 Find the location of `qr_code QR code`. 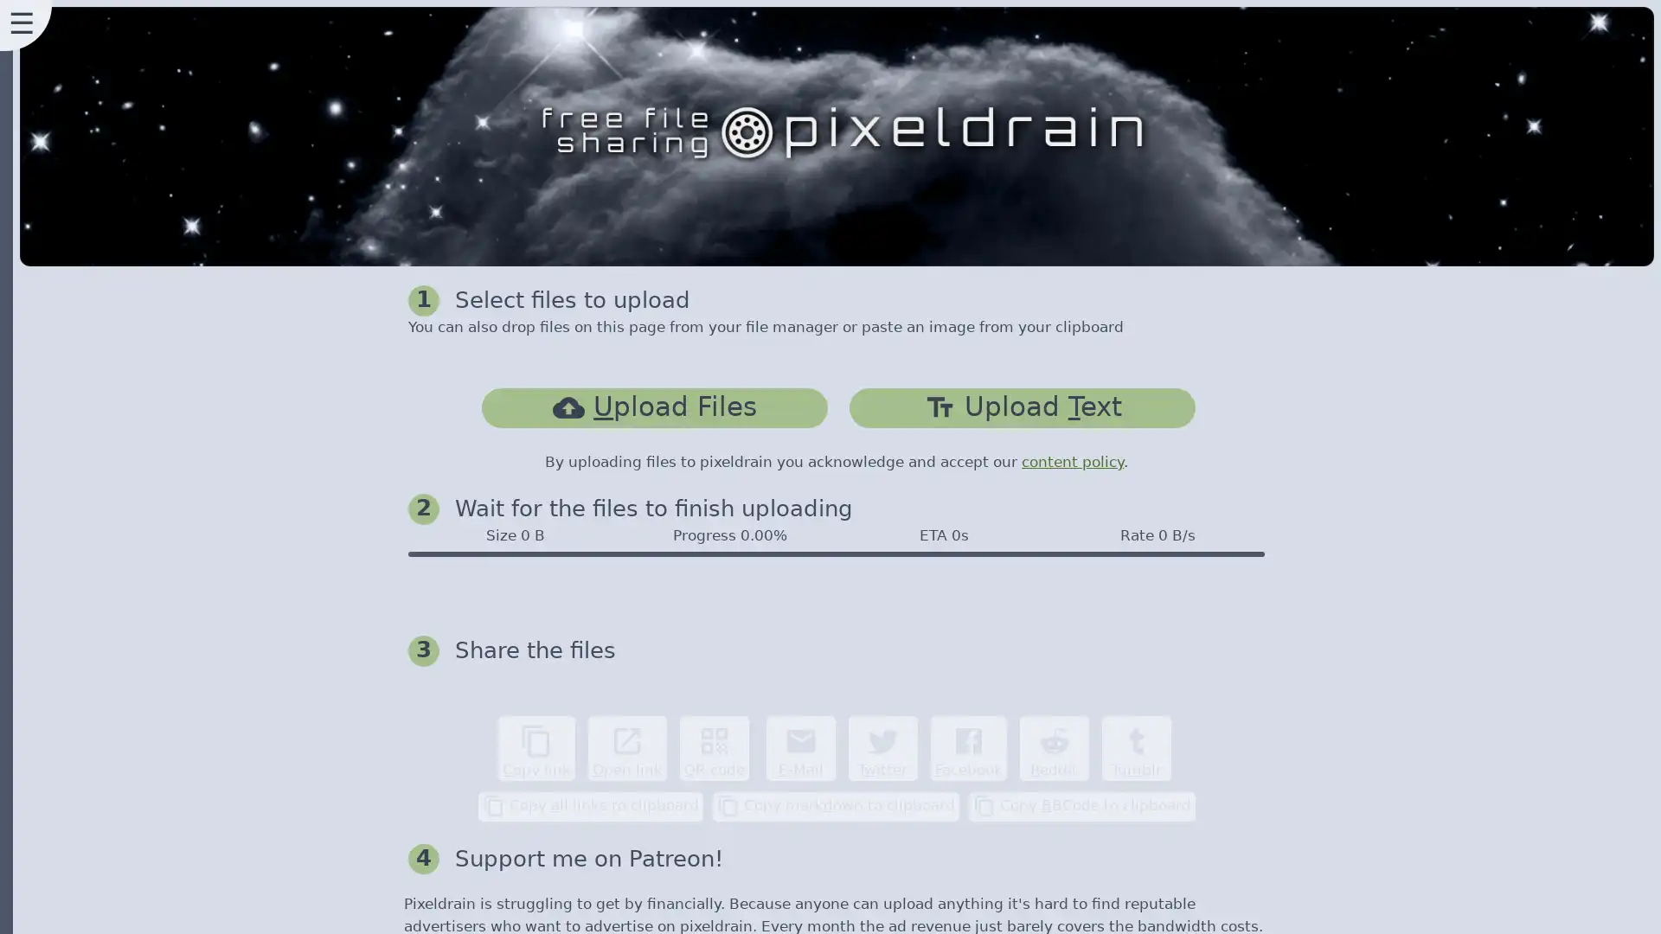

qr_code QR code is located at coordinates (833, 747).